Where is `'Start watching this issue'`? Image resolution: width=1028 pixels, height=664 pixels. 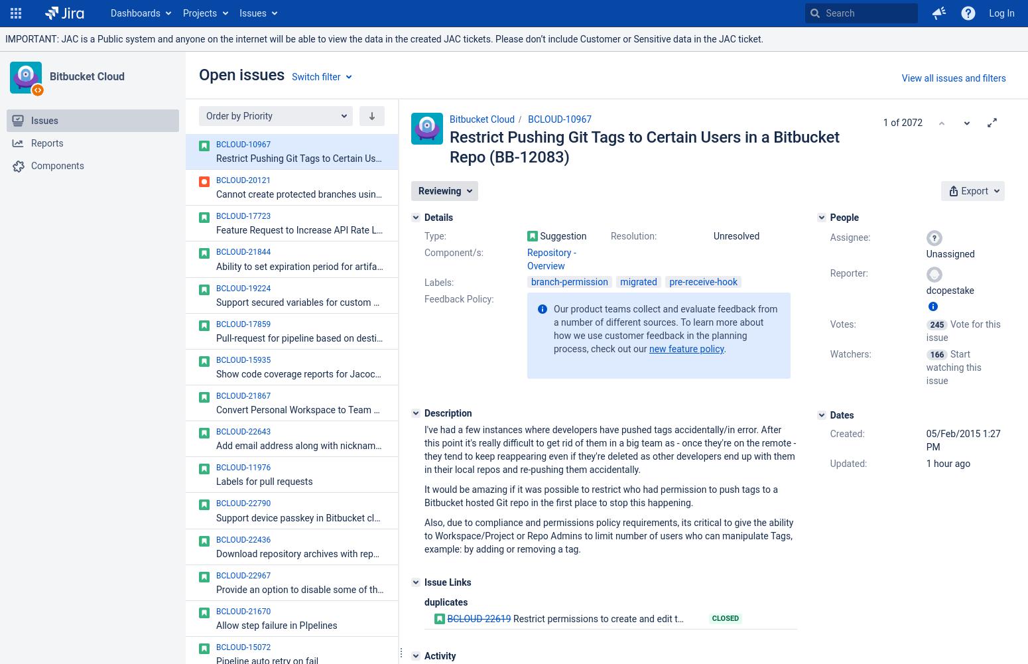
'Start watching this issue' is located at coordinates (952, 365).